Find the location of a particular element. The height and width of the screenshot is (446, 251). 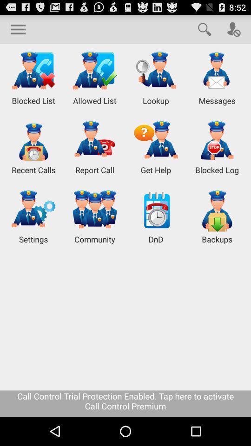

the menu icon is located at coordinates (18, 31).